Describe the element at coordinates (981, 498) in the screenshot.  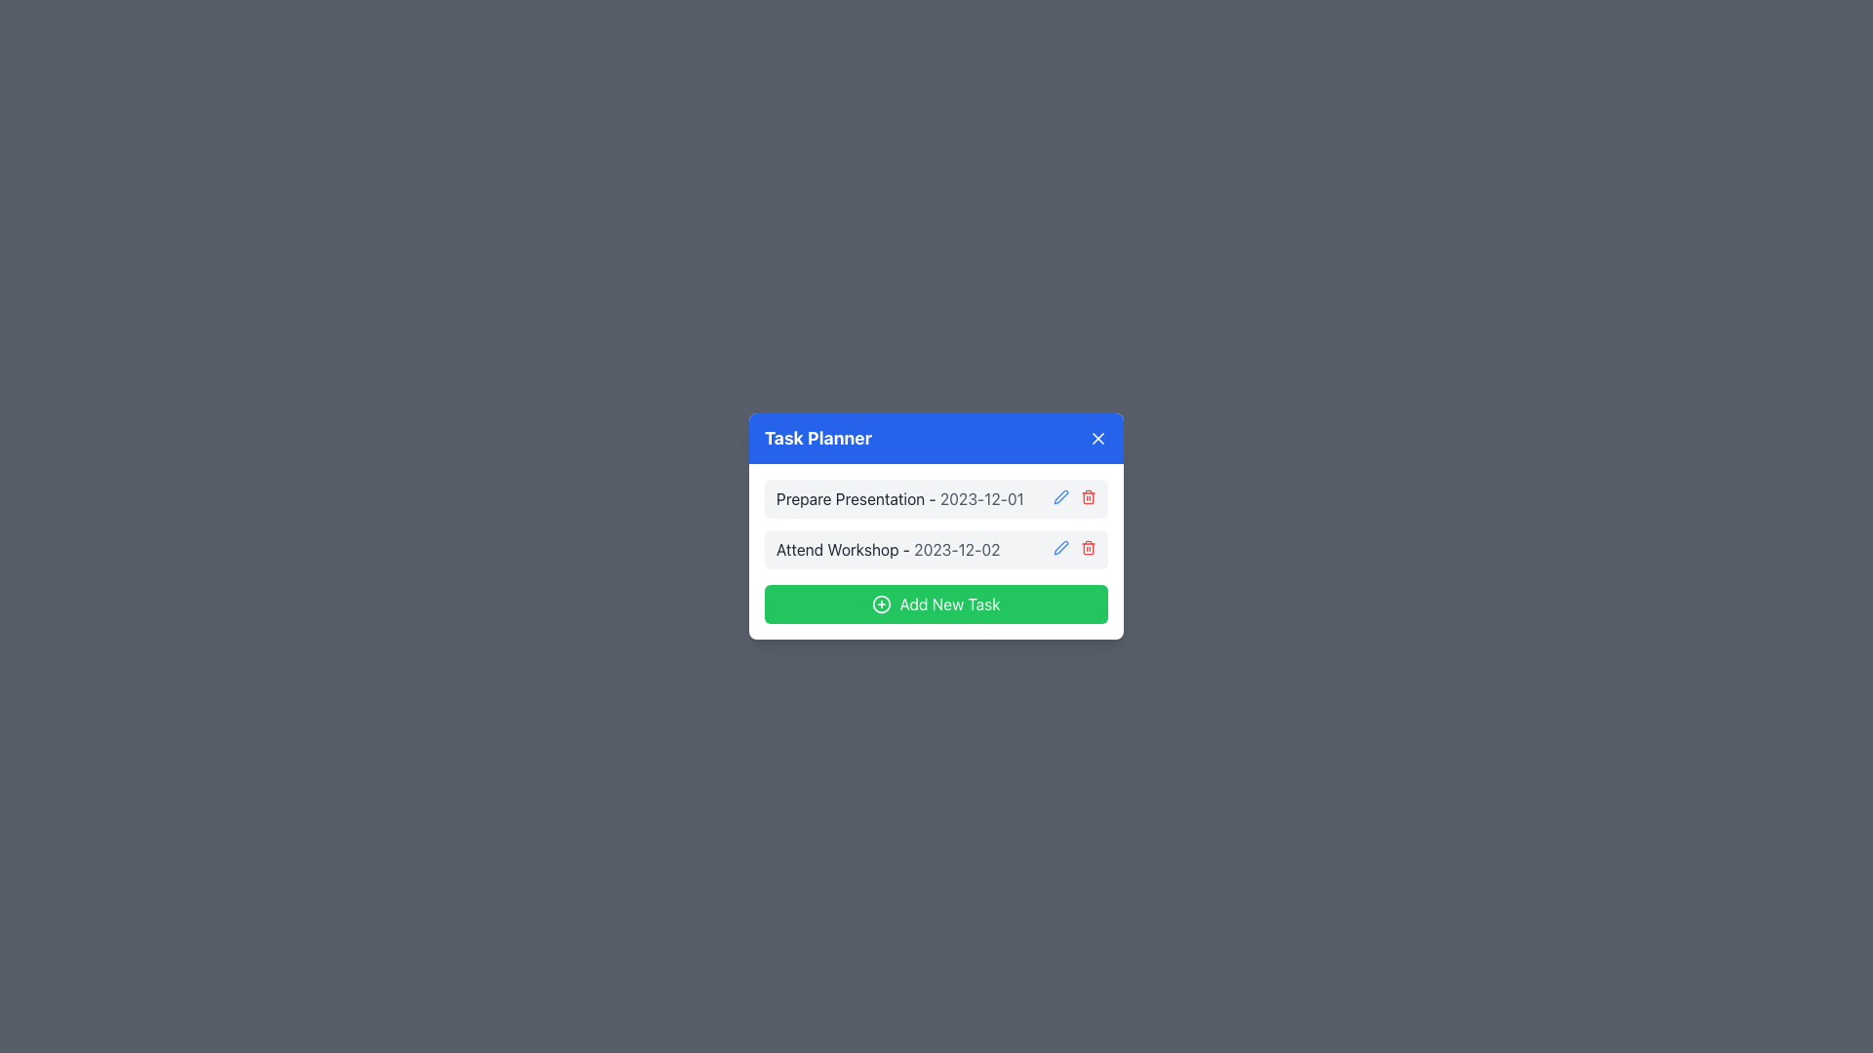
I see `the non-interactive text label displaying the date '2023-12-01' that follows 'Prepare Presentation -' in the task planner dialog box` at that location.